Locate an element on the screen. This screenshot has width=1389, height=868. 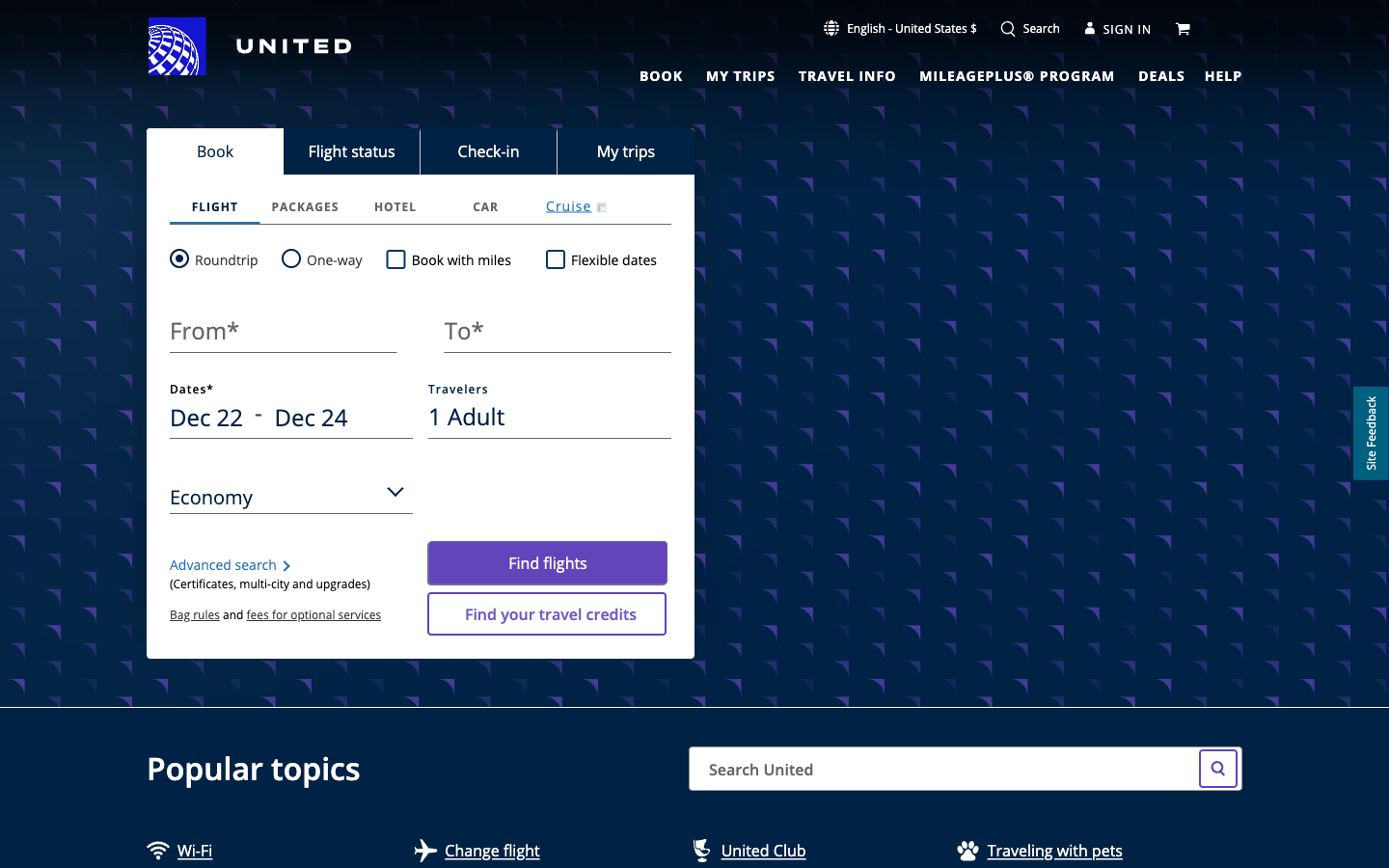
Move towards United Club"s Website is located at coordinates (807, 854).